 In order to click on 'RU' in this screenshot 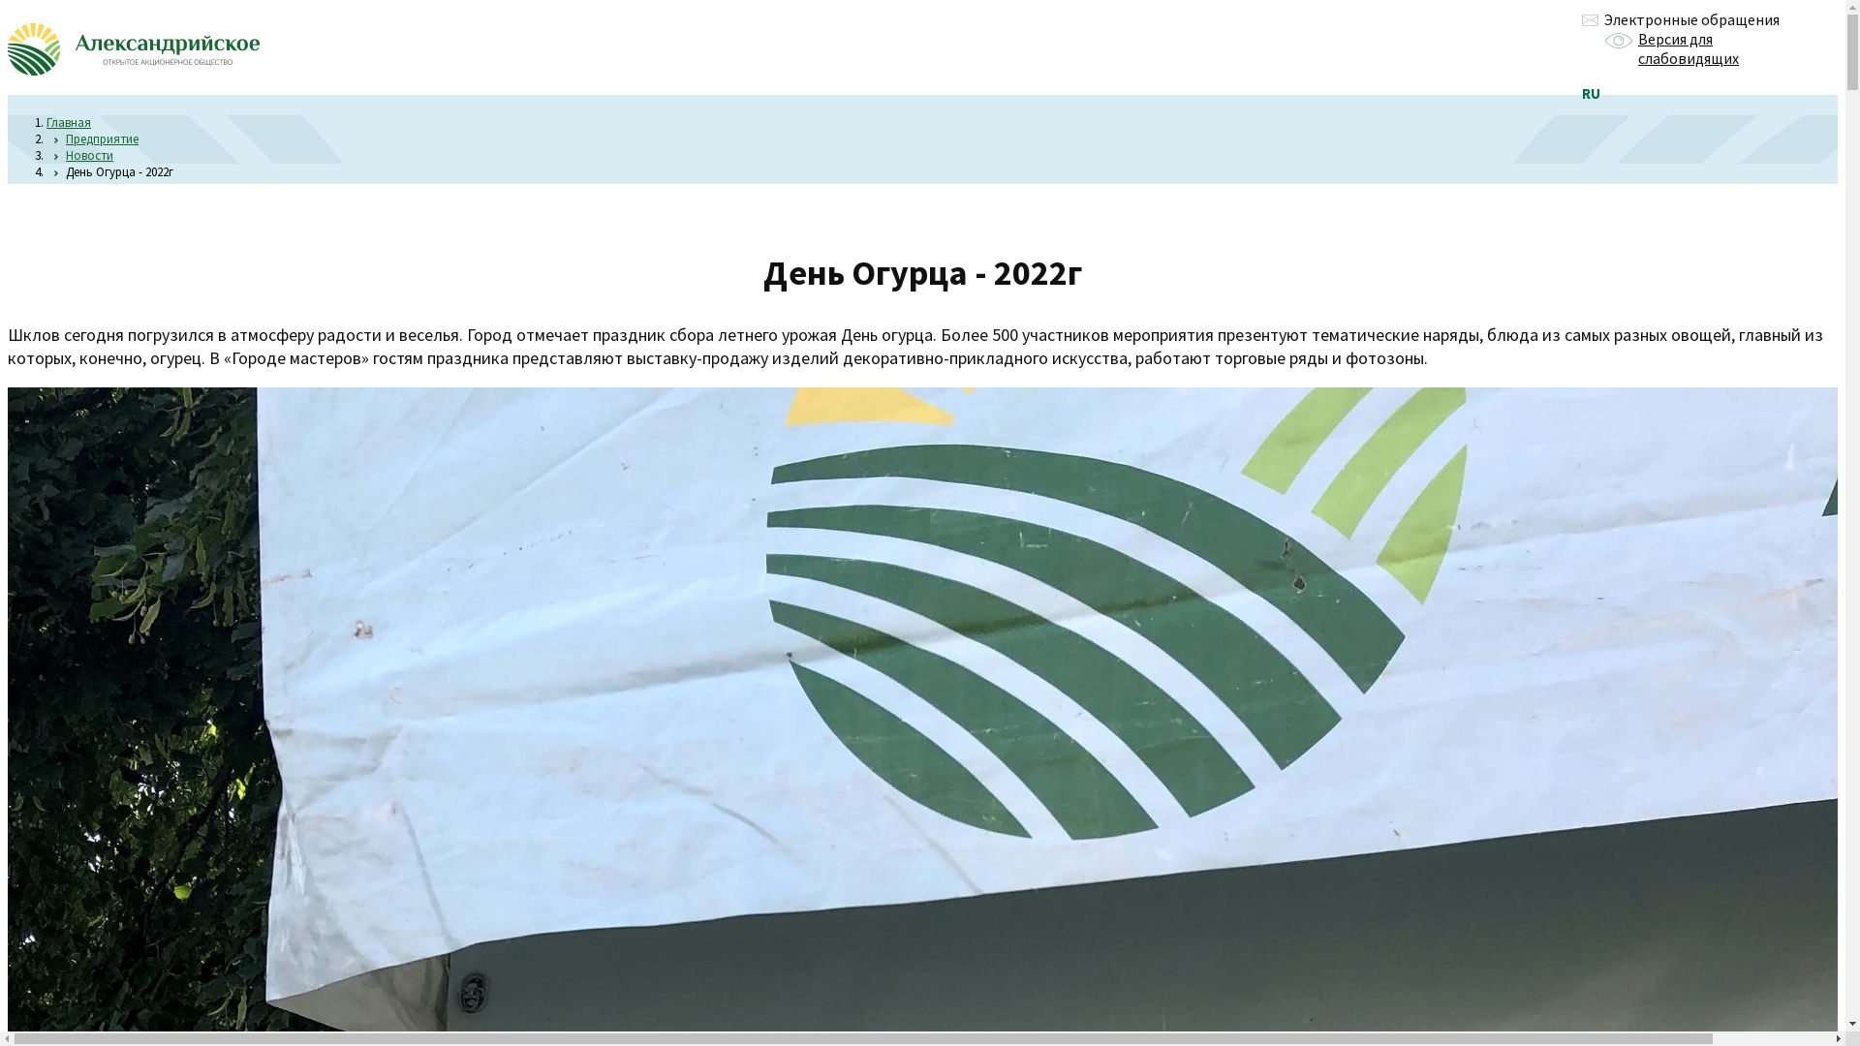, I will do `click(1581, 93)`.